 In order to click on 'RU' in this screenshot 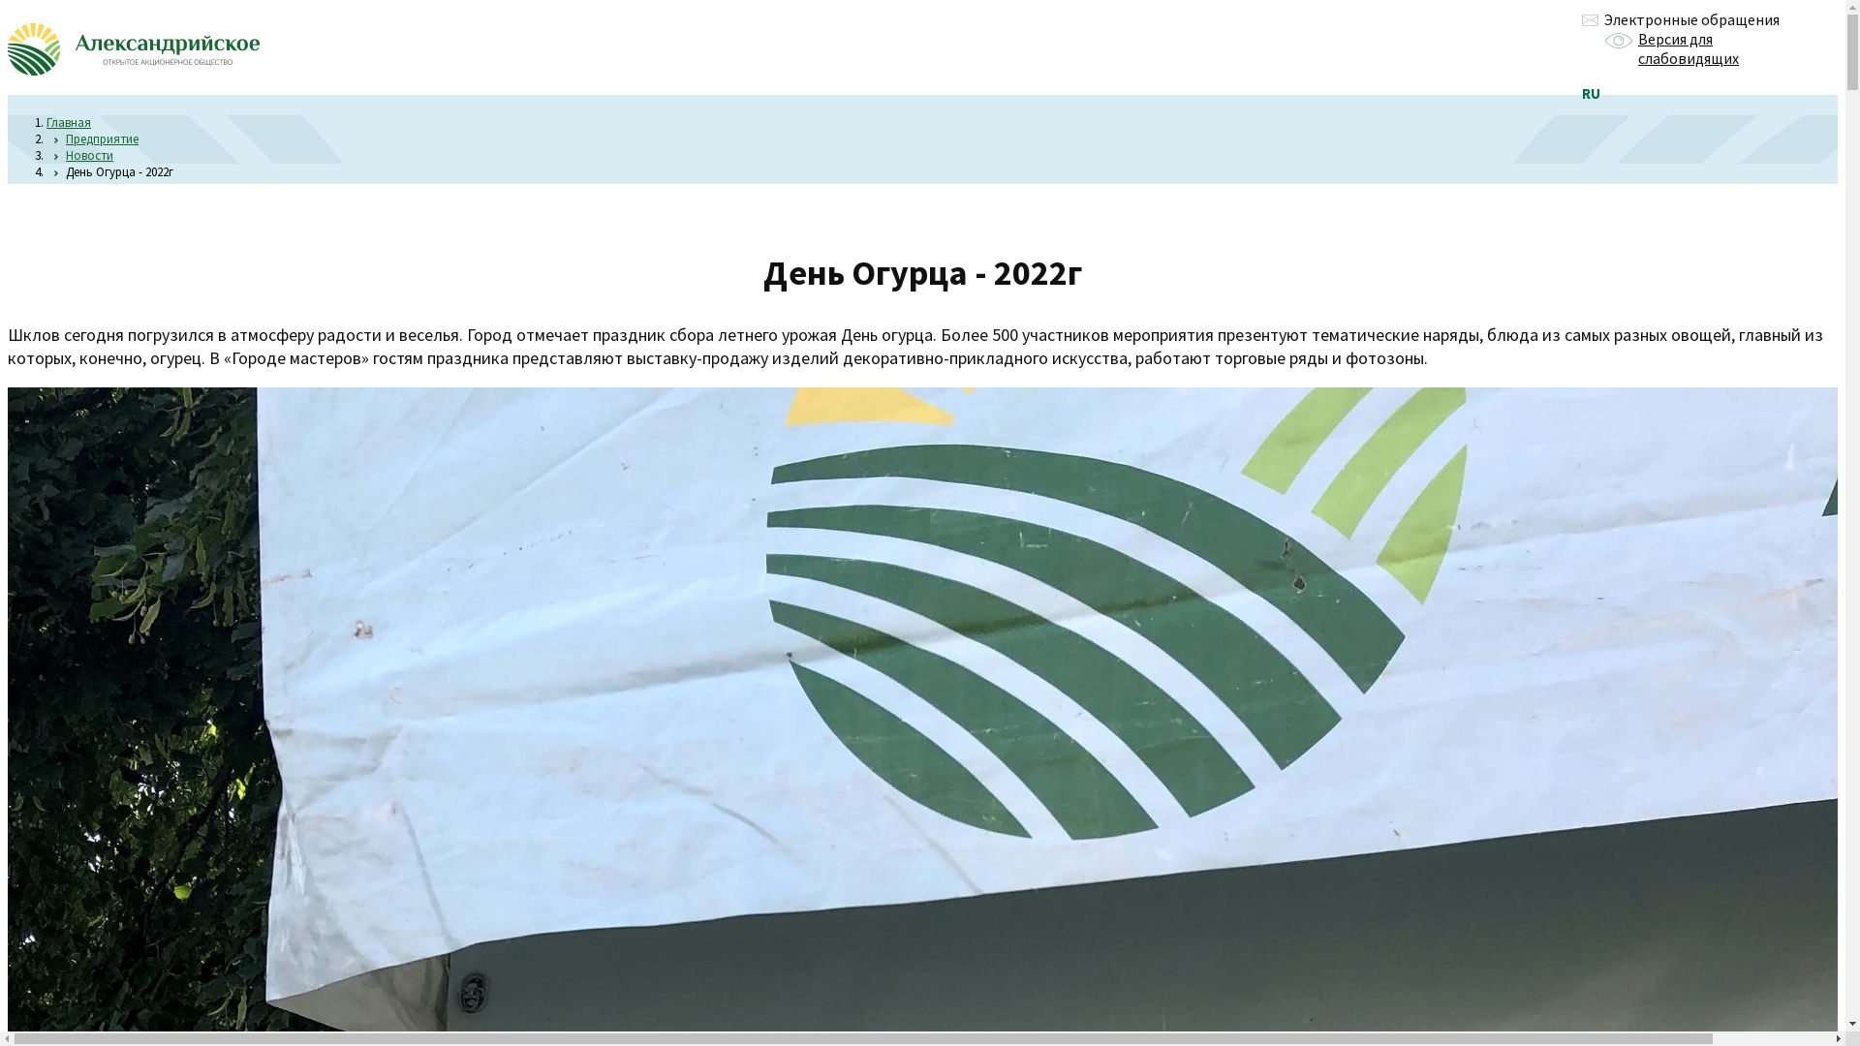, I will do `click(1581, 93)`.